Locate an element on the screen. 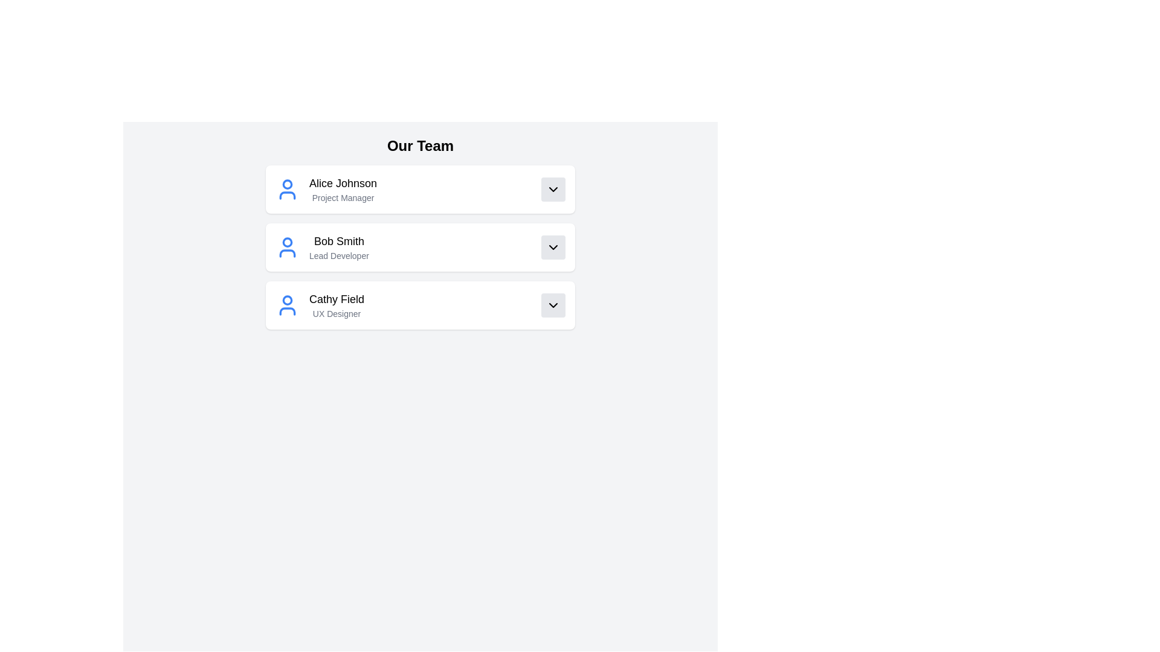 The width and height of the screenshot is (1160, 652). the Text Label indicating the job title of 'Alice Johnson' in the first card of the 'Our Team' section, located directly below the name is located at coordinates (343, 197).